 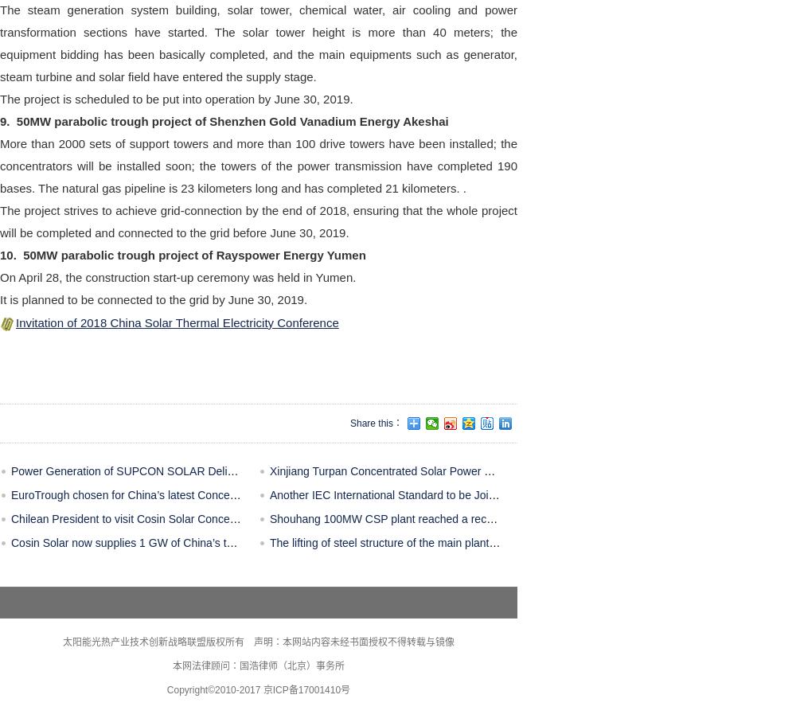 I want to click on 'The project is scheduled to be put into operation by June 30, 2019.', so click(x=175, y=97).